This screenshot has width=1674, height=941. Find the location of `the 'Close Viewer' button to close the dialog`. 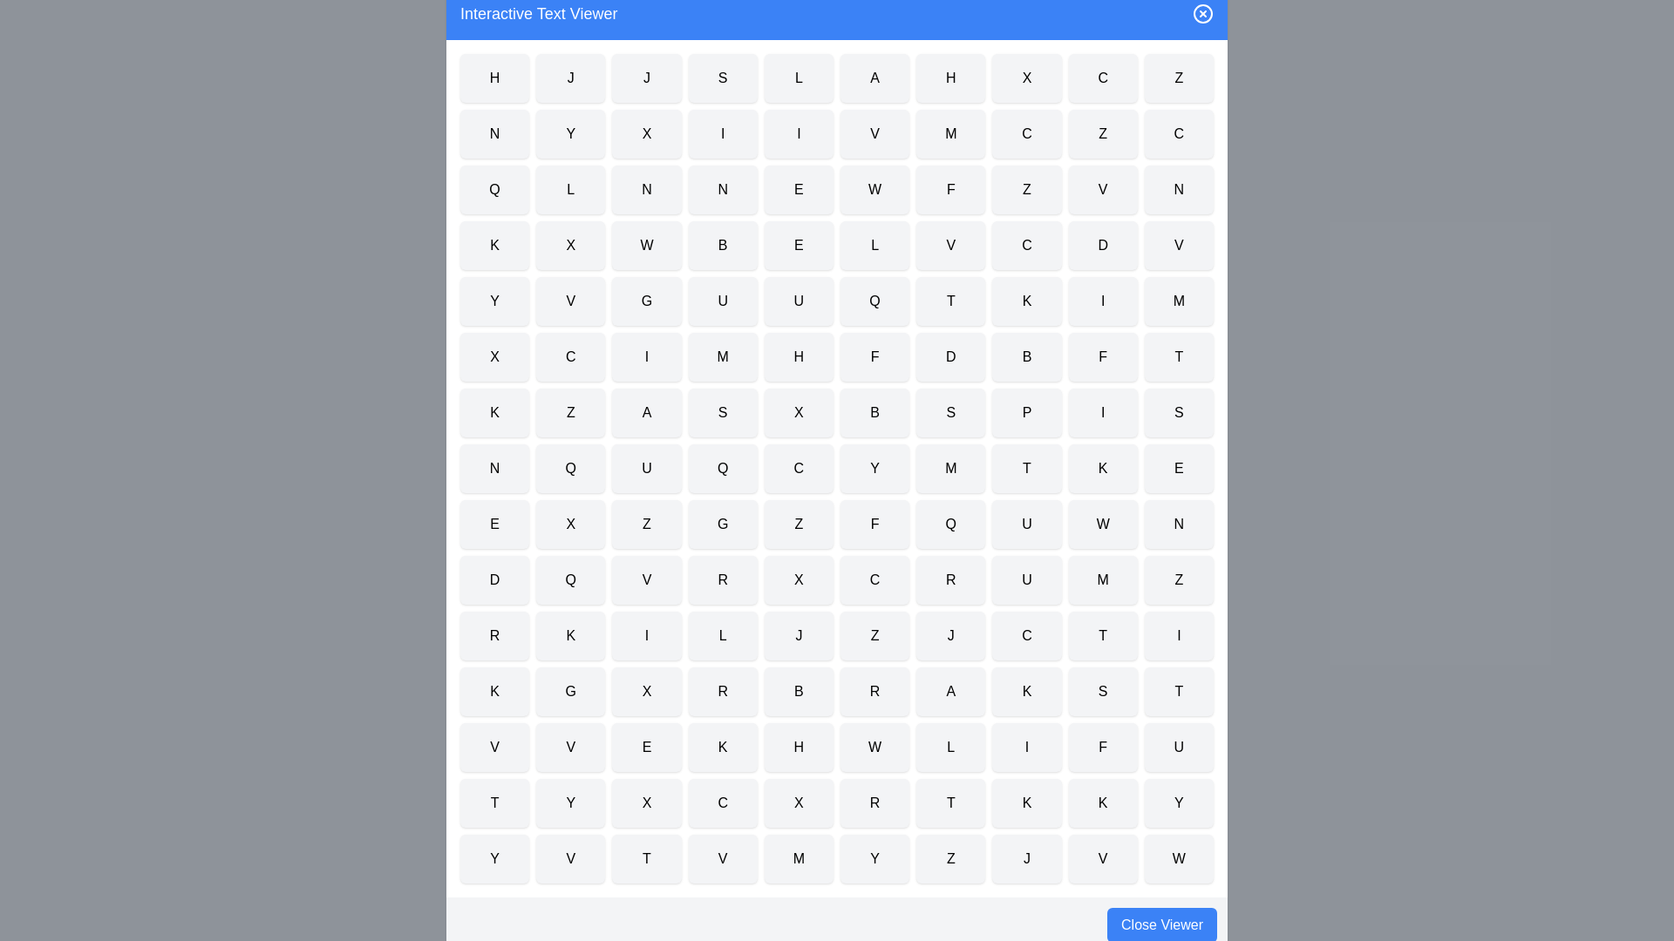

the 'Close Viewer' button to close the dialog is located at coordinates (1162, 924).